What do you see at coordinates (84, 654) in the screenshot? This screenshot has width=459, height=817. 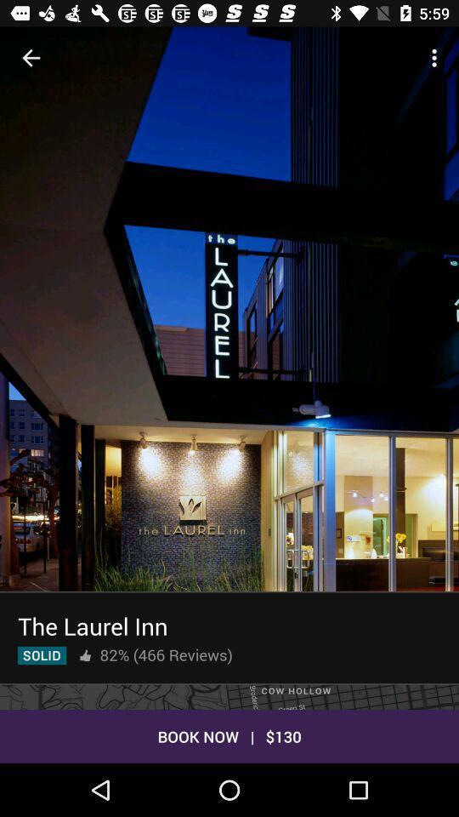 I see `item below the laurel inn icon` at bounding box center [84, 654].